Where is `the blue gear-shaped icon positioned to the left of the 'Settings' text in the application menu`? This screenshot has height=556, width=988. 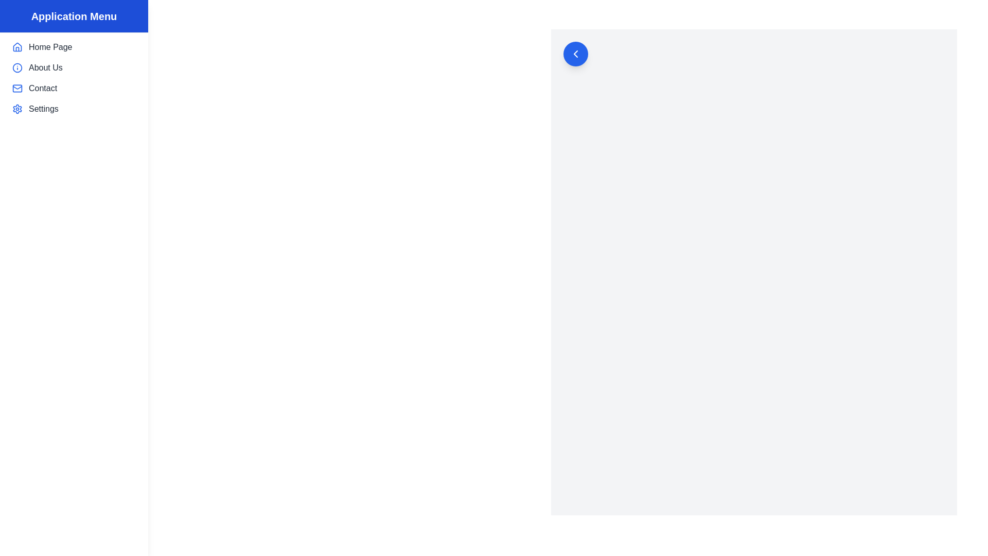
the blue gear-shaped icon positioned to the left of the 'Settings' text in the application menu is located at coordinates (17, 109).